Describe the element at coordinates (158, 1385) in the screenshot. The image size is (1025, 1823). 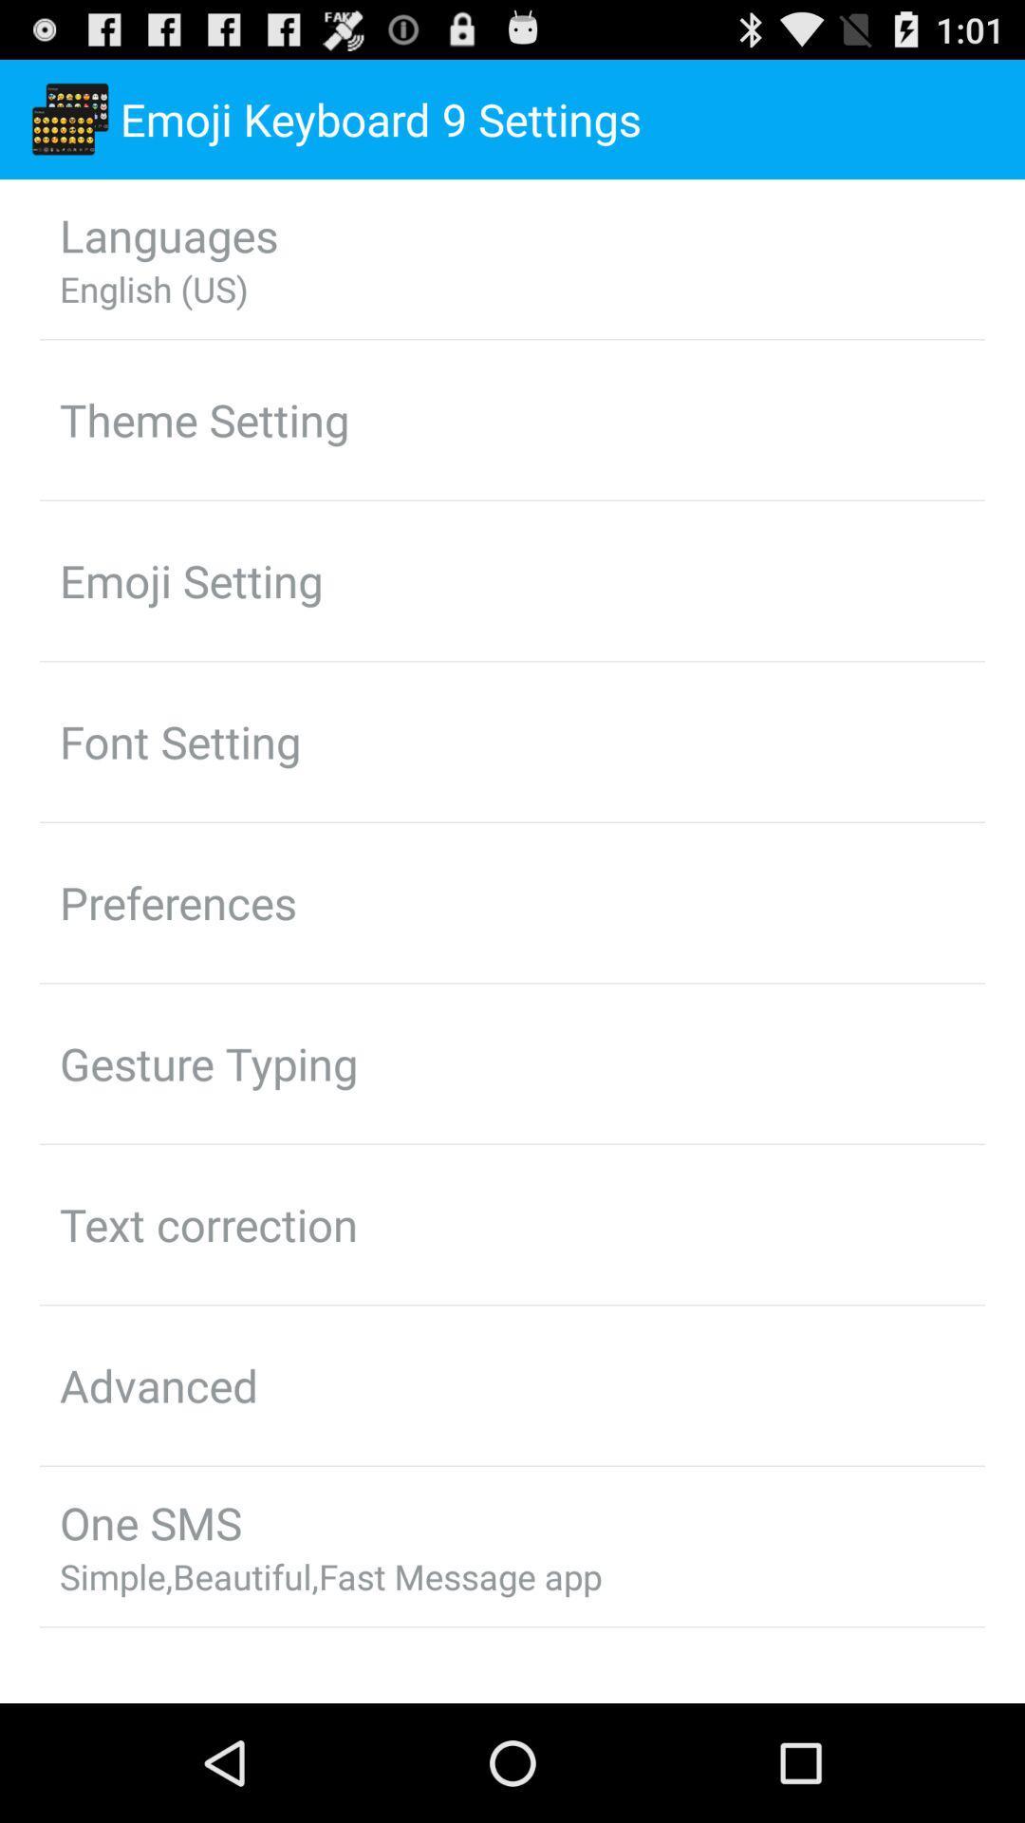
I see `app above the one sms icon` at that location.